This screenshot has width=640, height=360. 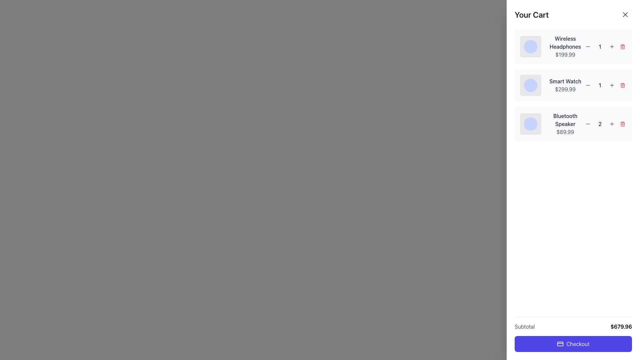 What do you see at coordinates (612, 46) in the screenshot?
I see `the small gray '+' button located to the right of the quantity indicator for each cart item to increment the quantity` at bounding box center [612, 46].